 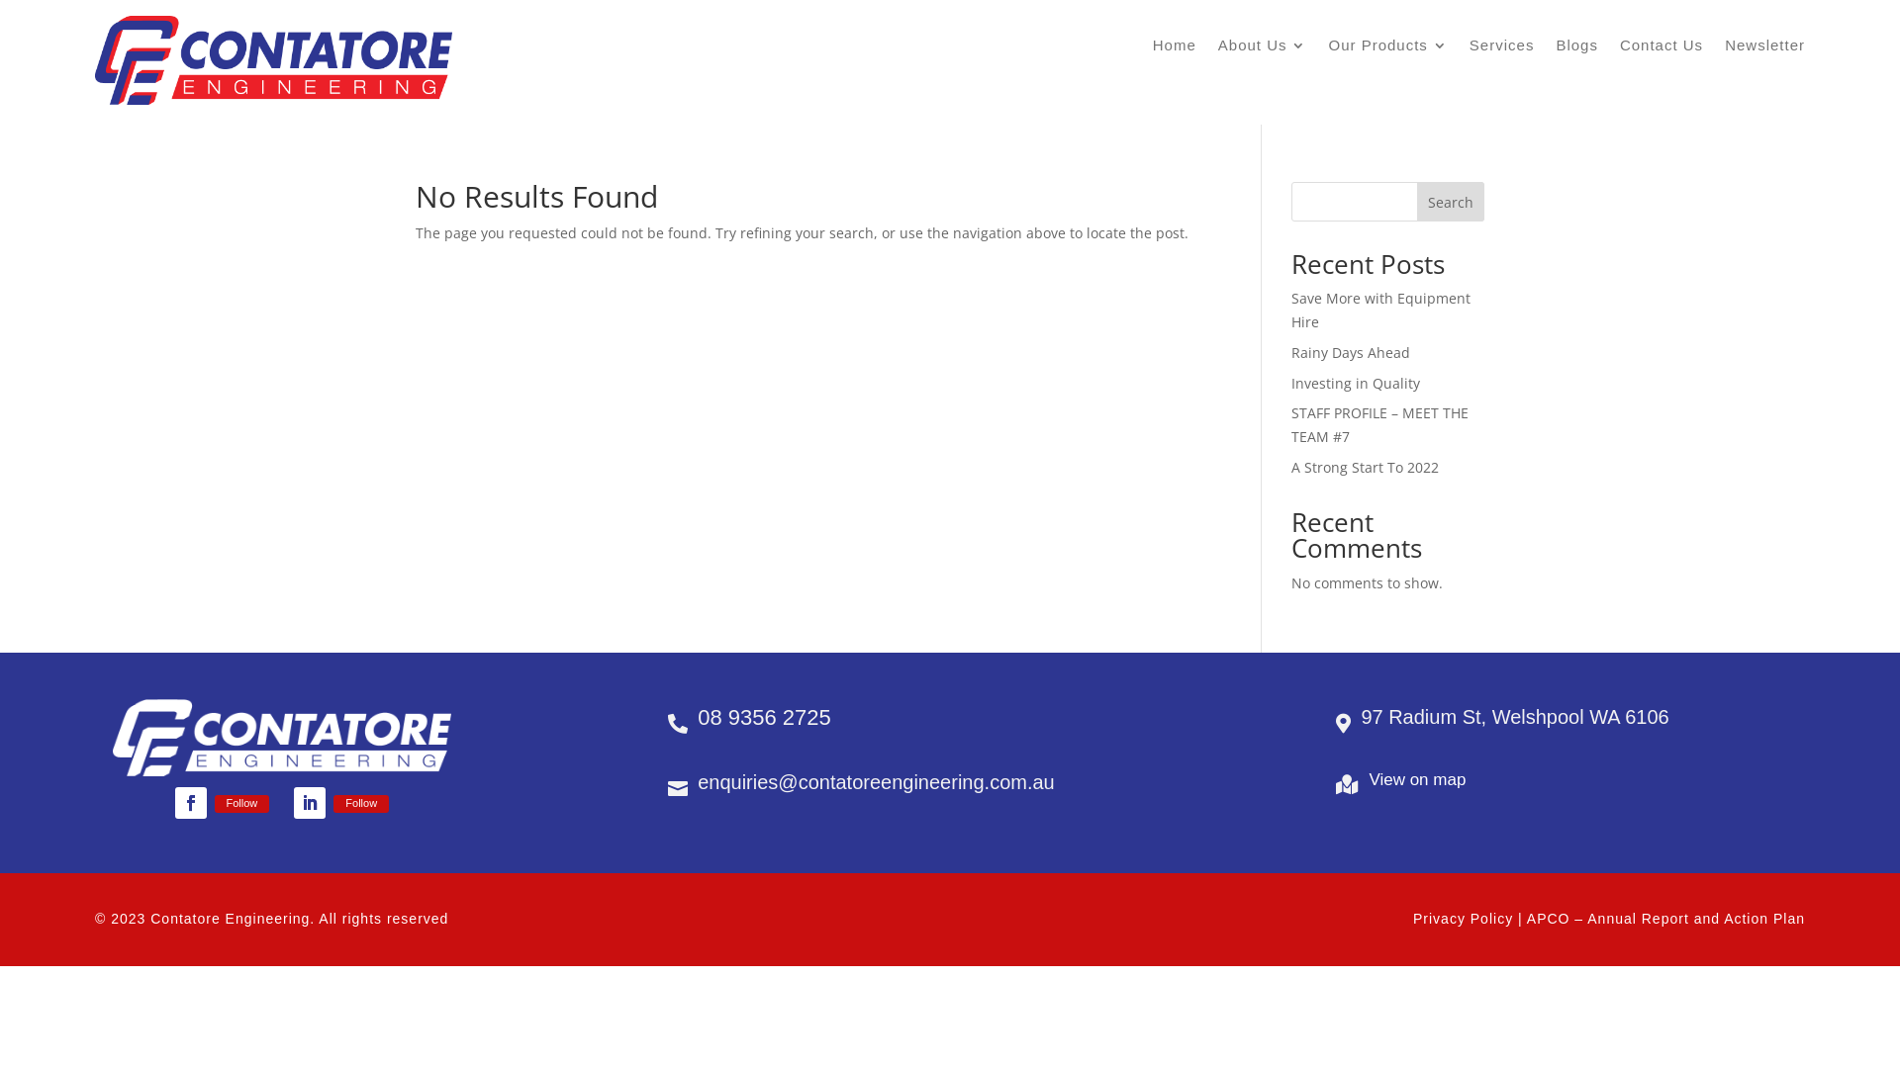 I want to click on 'Follow on Facebook', so click(x=190, y=803).